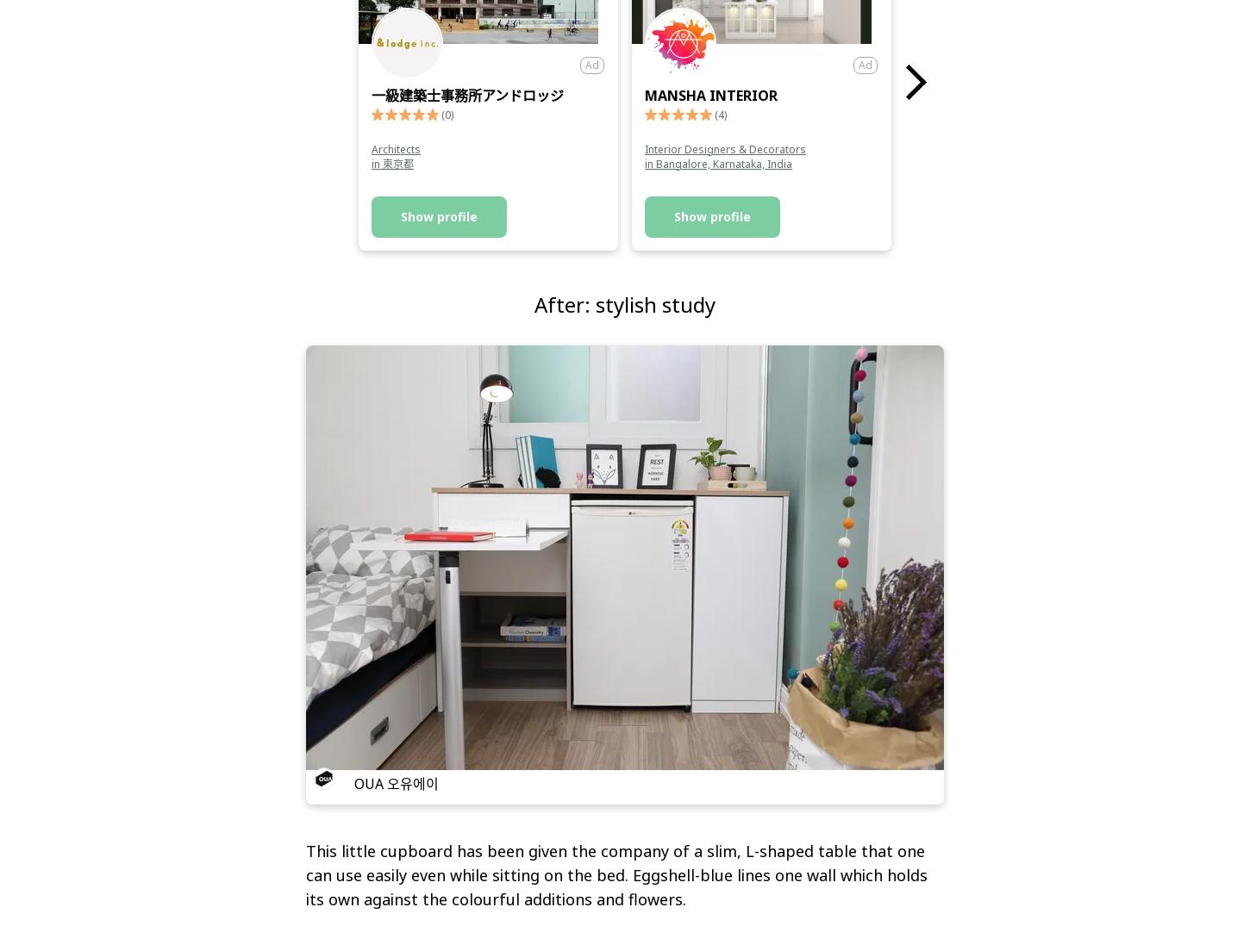  Describe the element at coordinates (370, 163) in the screenshot. I see `'in 東京都'` at that location.